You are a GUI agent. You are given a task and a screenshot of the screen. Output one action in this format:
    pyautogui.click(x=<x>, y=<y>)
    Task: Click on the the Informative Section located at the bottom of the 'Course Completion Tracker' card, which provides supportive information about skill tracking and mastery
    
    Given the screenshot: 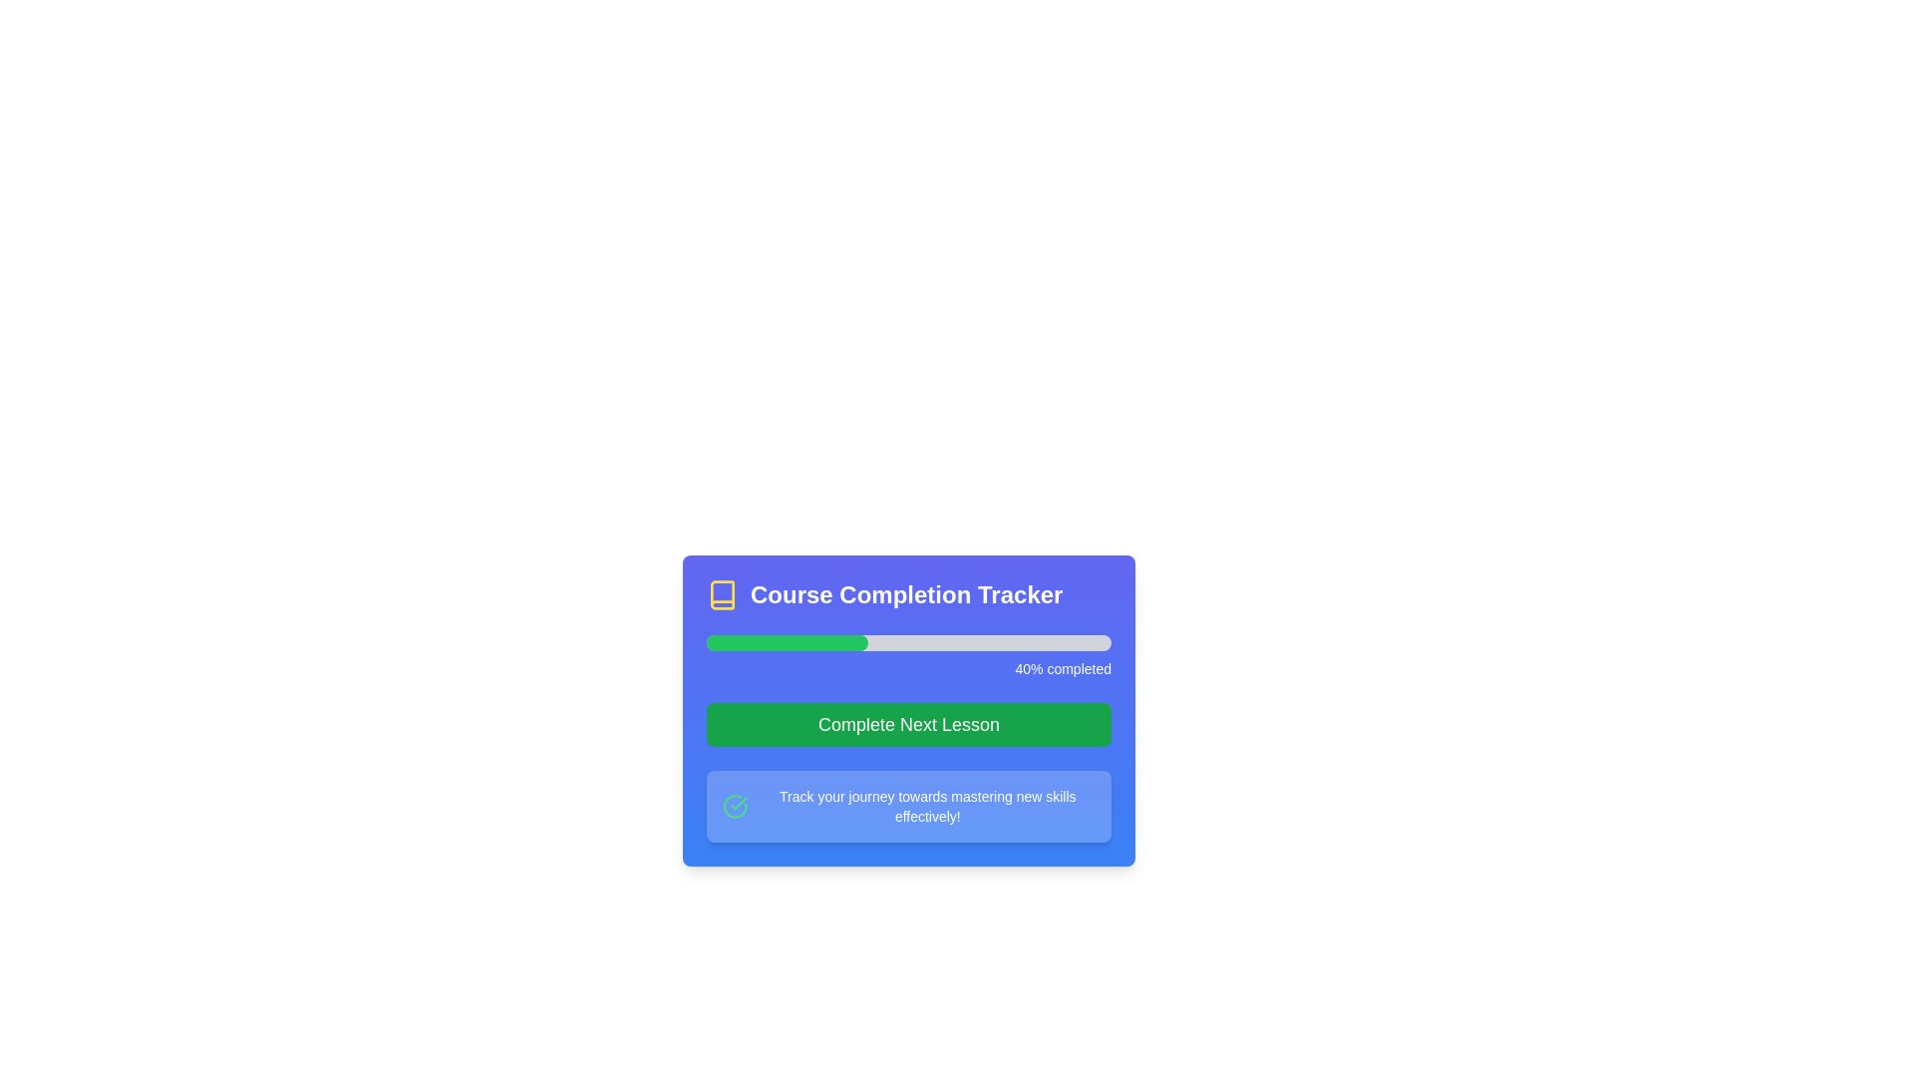 What is the action you would take?
    pyautogui.click(x=908, y=806)
    